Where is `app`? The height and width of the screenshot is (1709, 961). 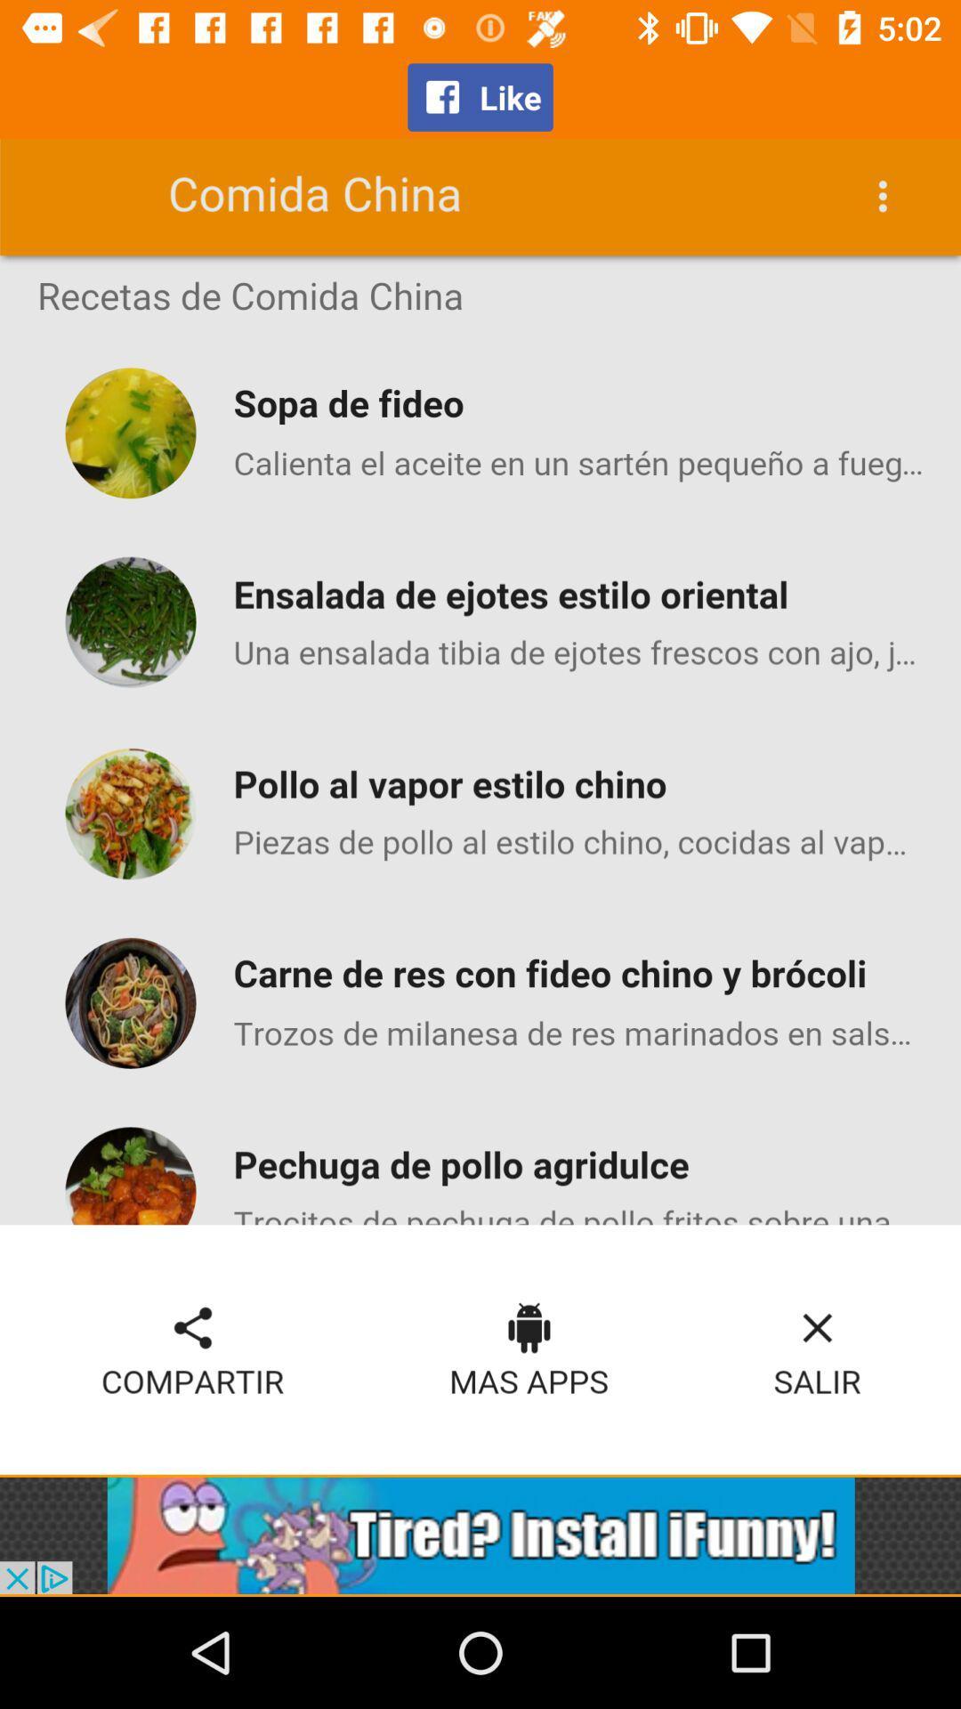 app is located at coordinates (480, 1535).